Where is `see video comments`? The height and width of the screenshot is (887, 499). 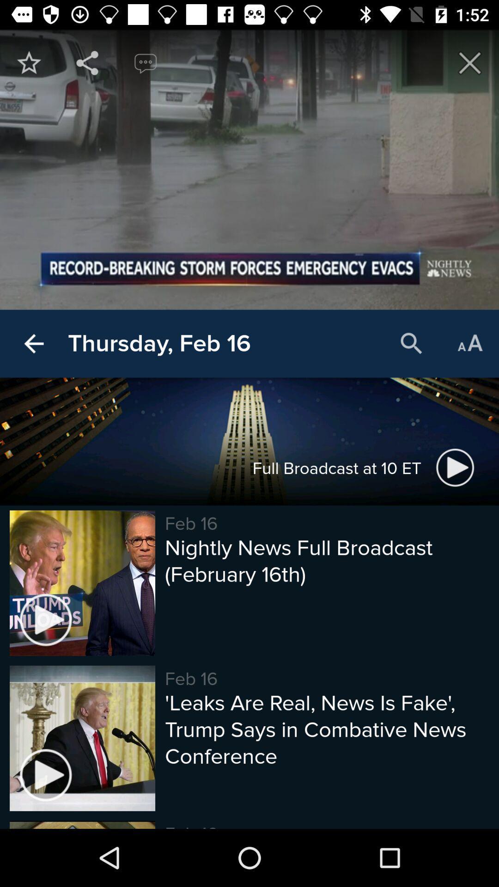
see video comments is located at coordinates (146, 62).